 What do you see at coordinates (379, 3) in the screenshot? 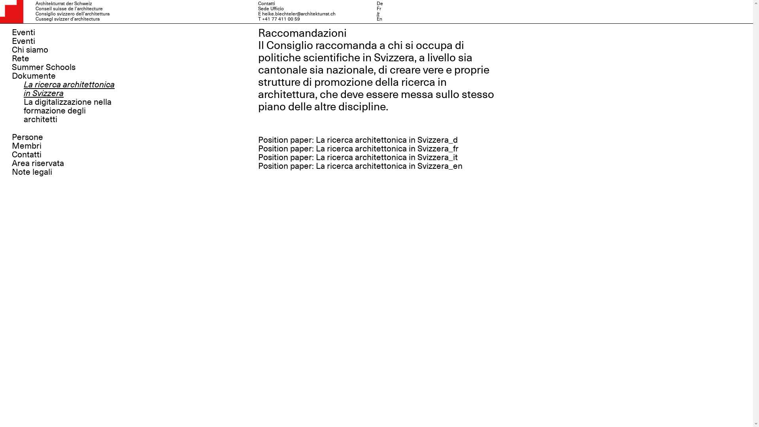
I see `'De'` at bounding box center [379, 3].